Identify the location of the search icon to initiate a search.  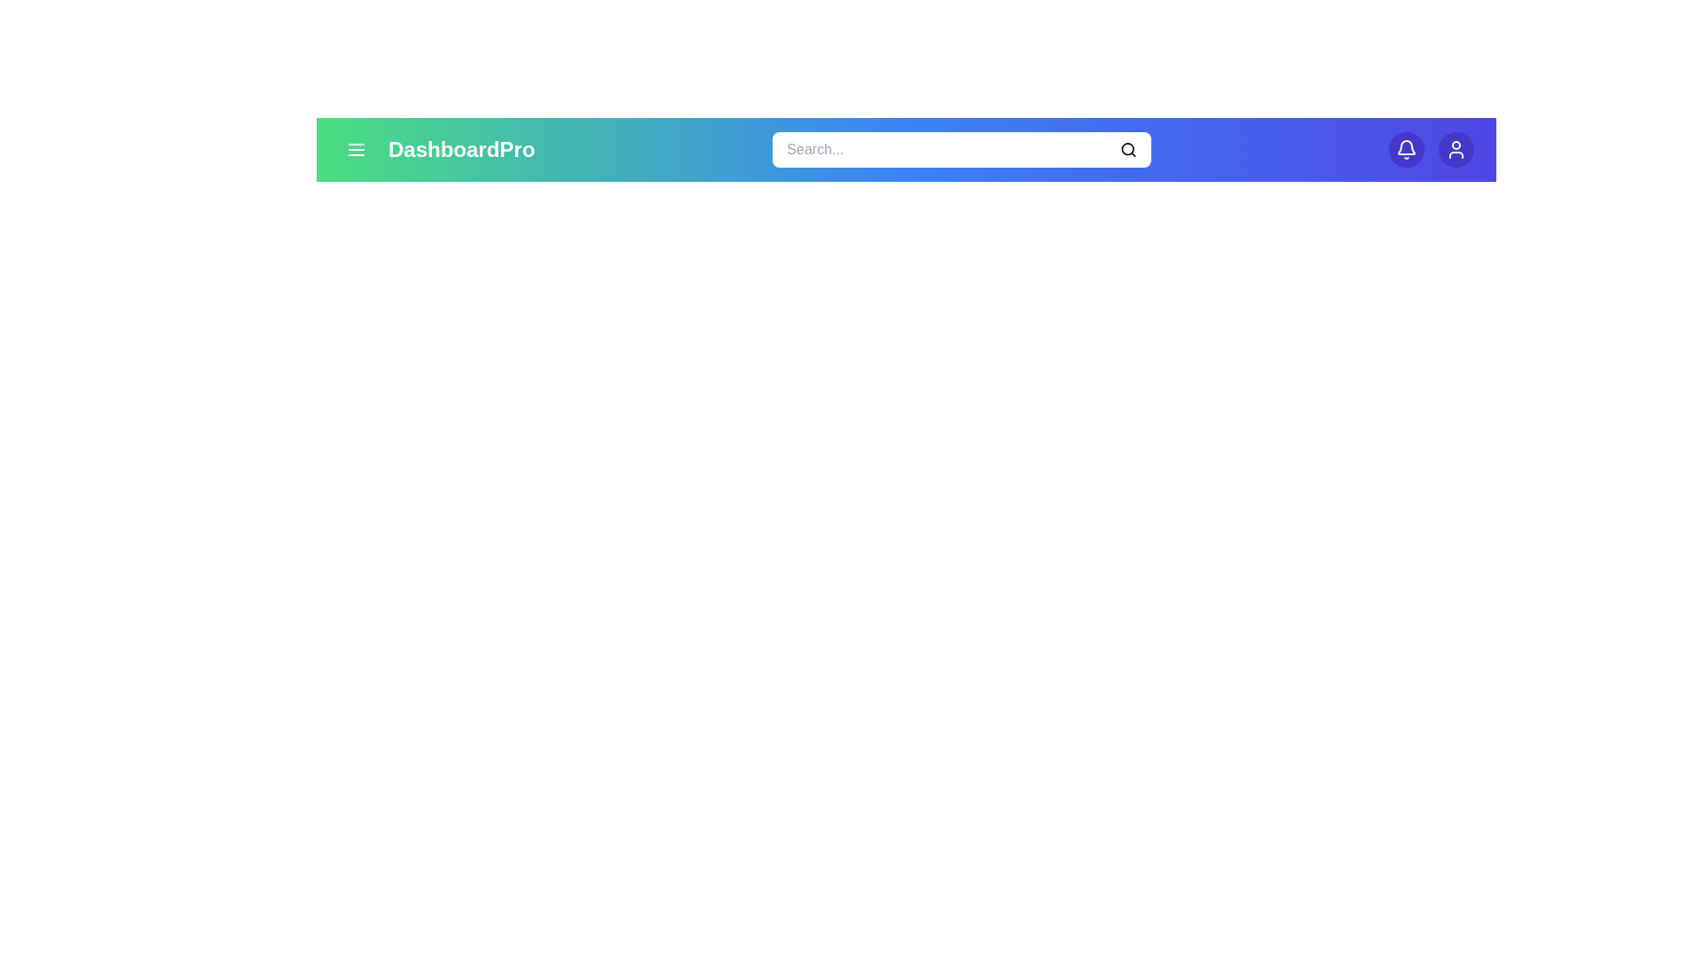
(1127, 149).